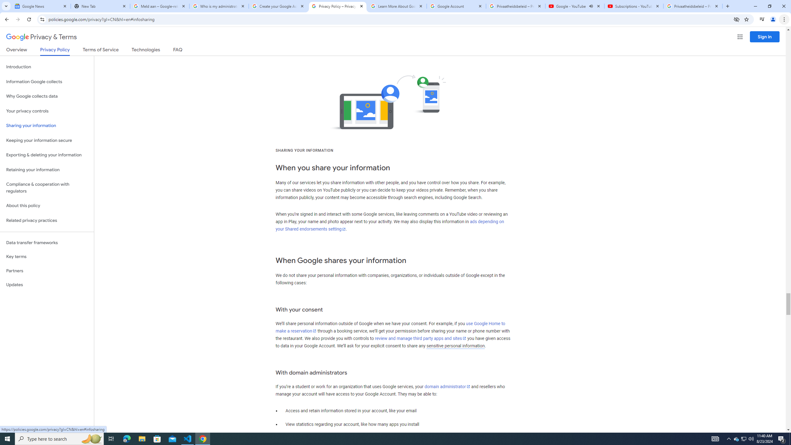 The height and width of the screenshot is (445, 791). What do you see at coordinates (47, 155) in the screenshot?
I see `'Exporting & deleting your information'` at bounding box center [47, 155].